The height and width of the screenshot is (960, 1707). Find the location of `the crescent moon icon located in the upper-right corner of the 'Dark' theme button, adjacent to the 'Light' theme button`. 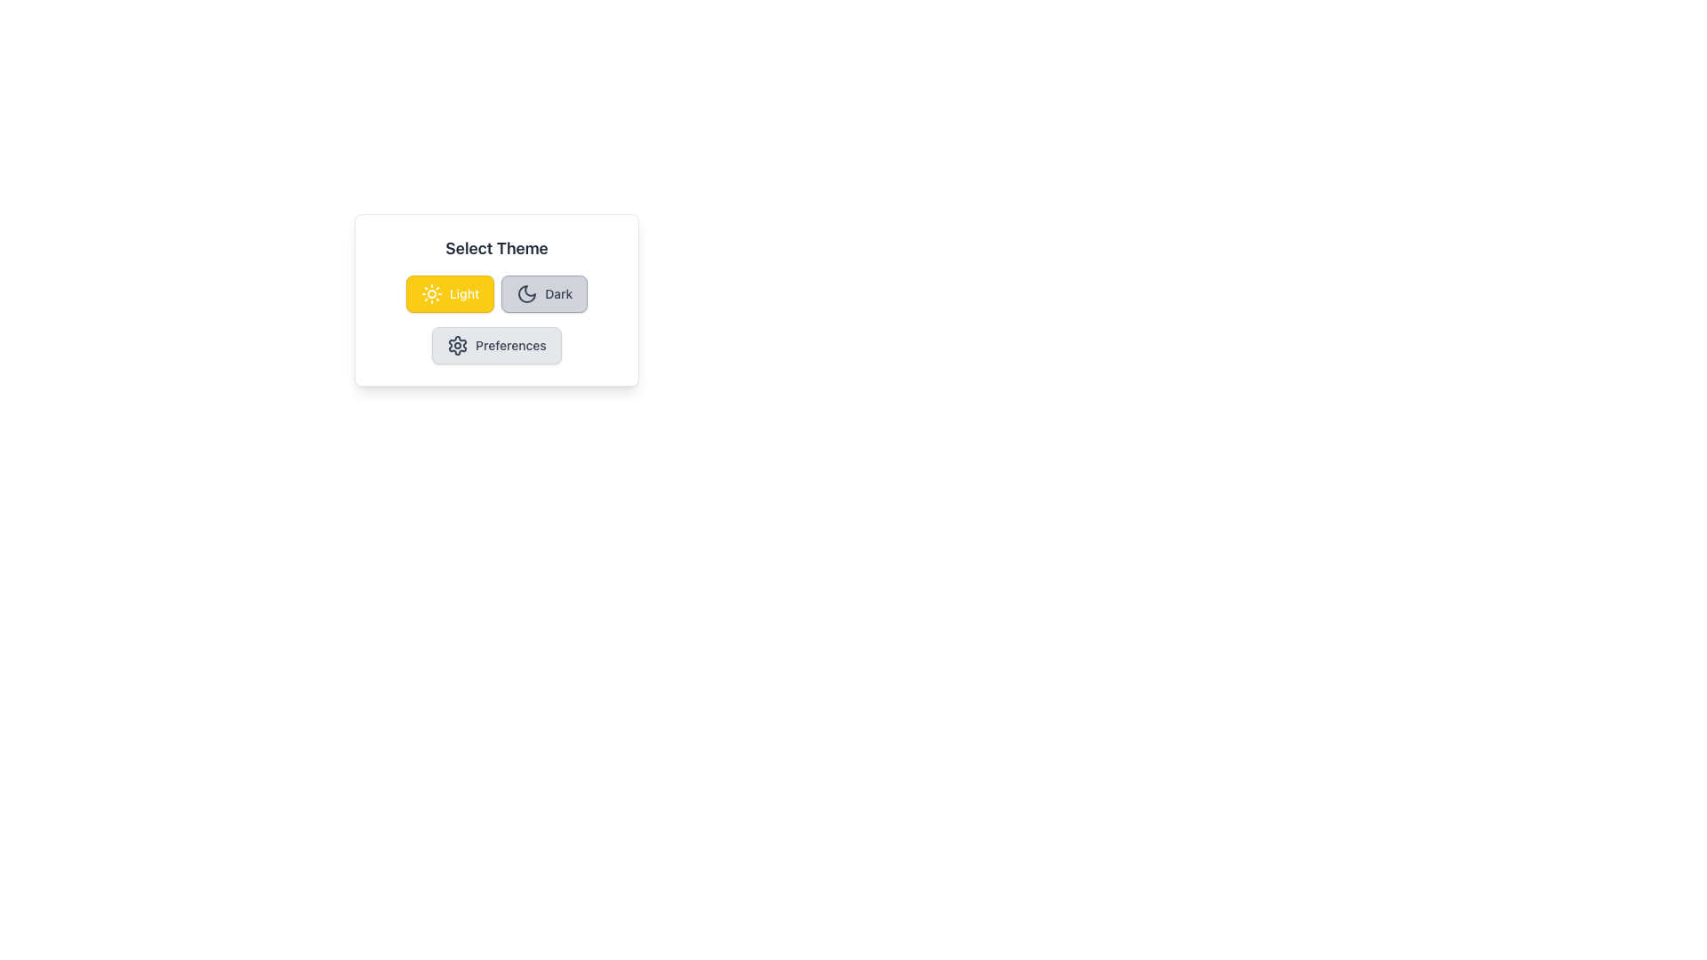

the crescent moon icon located in the upper-right corner of the 'Dark' theme button, adjacent to the 'Light' theme button is located at coordinates (526, 293).